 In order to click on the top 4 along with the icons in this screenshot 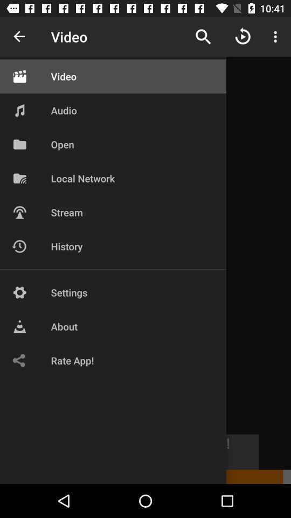, I will do `click(77, 136)`.